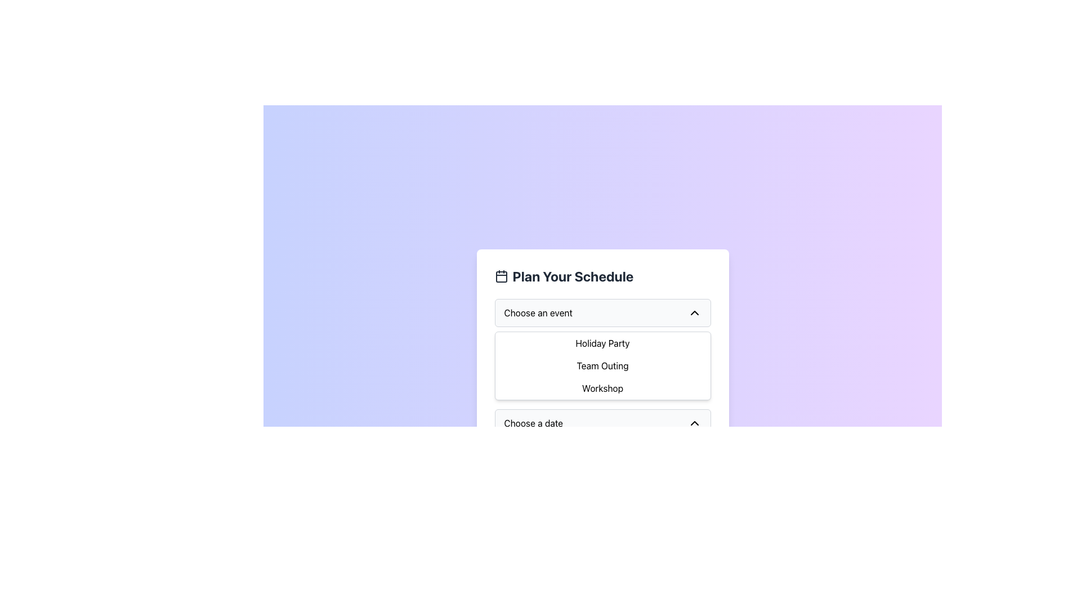 The width and height of the screenshot is (1081, 608). Describe the element at coordinates (602, 366) in the screenshot. I see `the options in the dropdown menu located directly below the 'Choose an event' button, which contains 'Holiday Party', 'Team Outing', and 'Workshop'` at that location.